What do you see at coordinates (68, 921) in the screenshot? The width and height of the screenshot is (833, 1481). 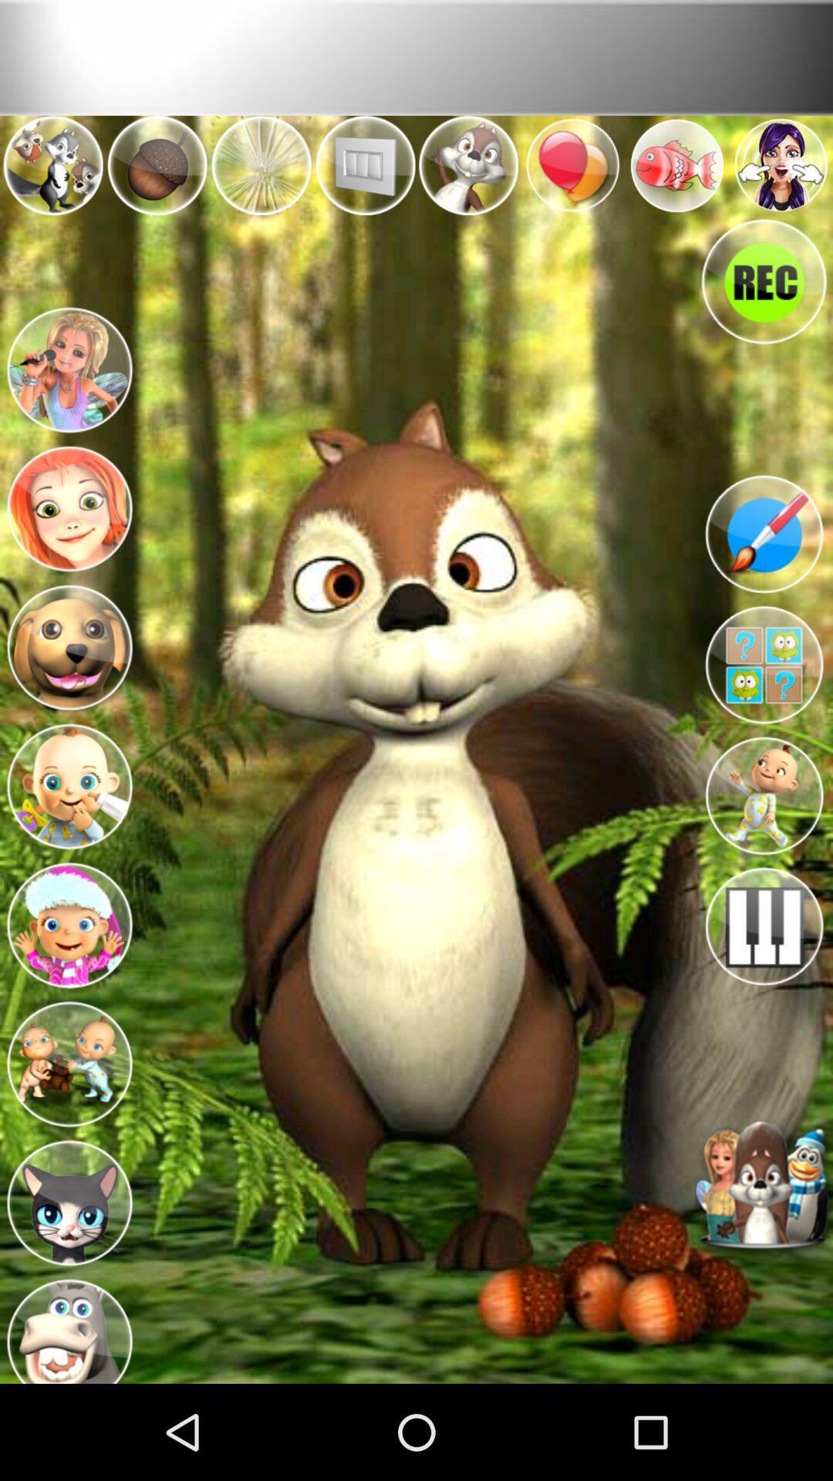 I see `character` at bounding box center [68, 921].